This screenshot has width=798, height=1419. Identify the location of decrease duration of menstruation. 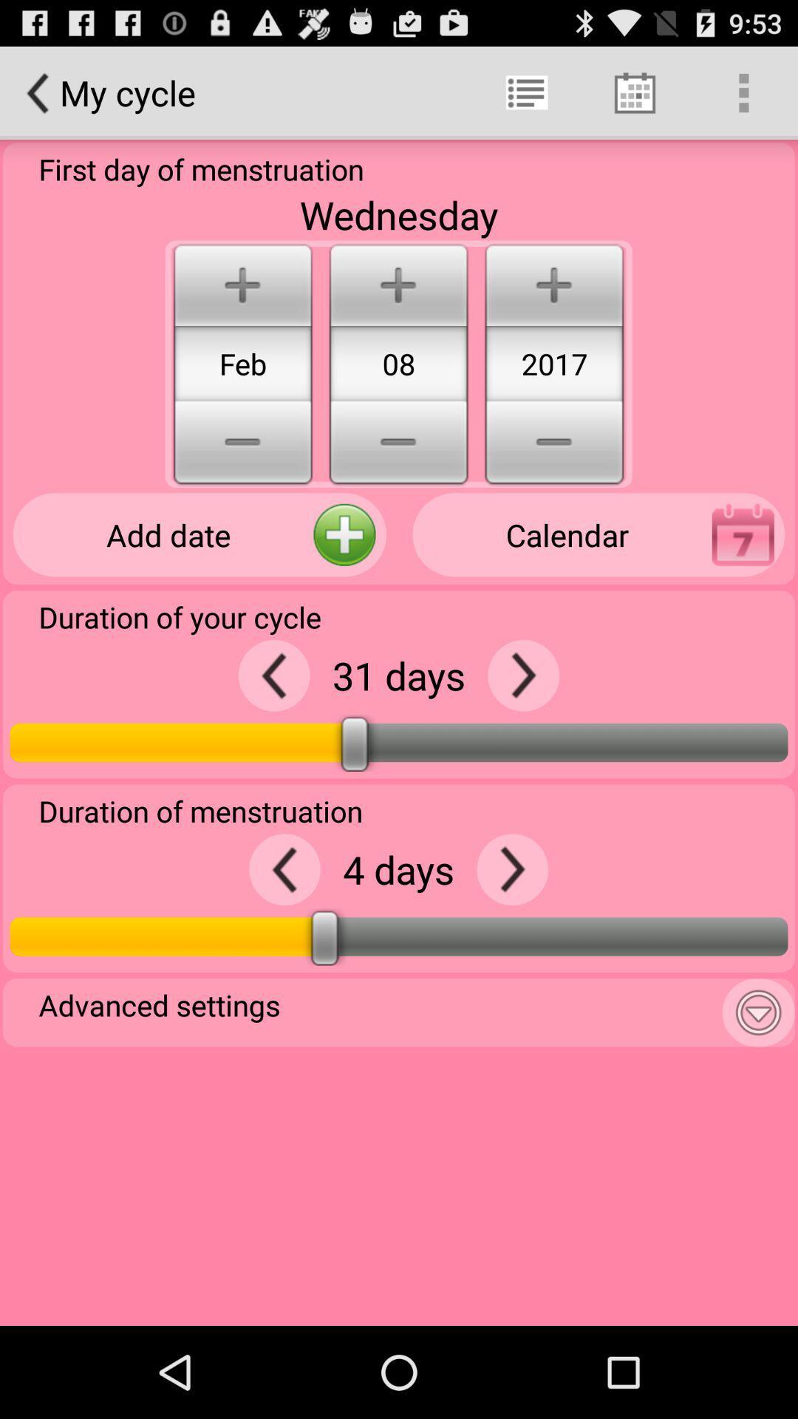
(284, 869).